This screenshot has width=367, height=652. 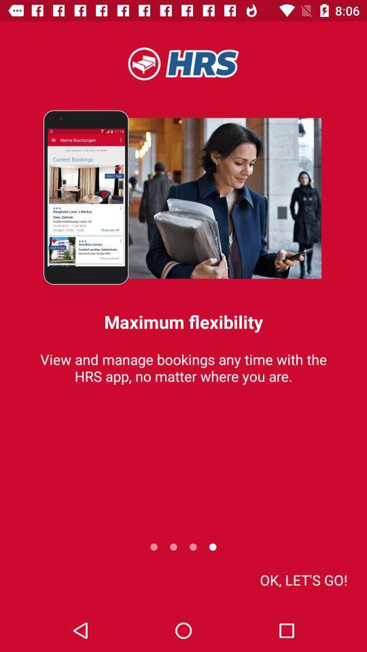 What do you see at coordinates (303, 579) in the screenshot?
I see `ok let s item` at bounding box center [303, 579].